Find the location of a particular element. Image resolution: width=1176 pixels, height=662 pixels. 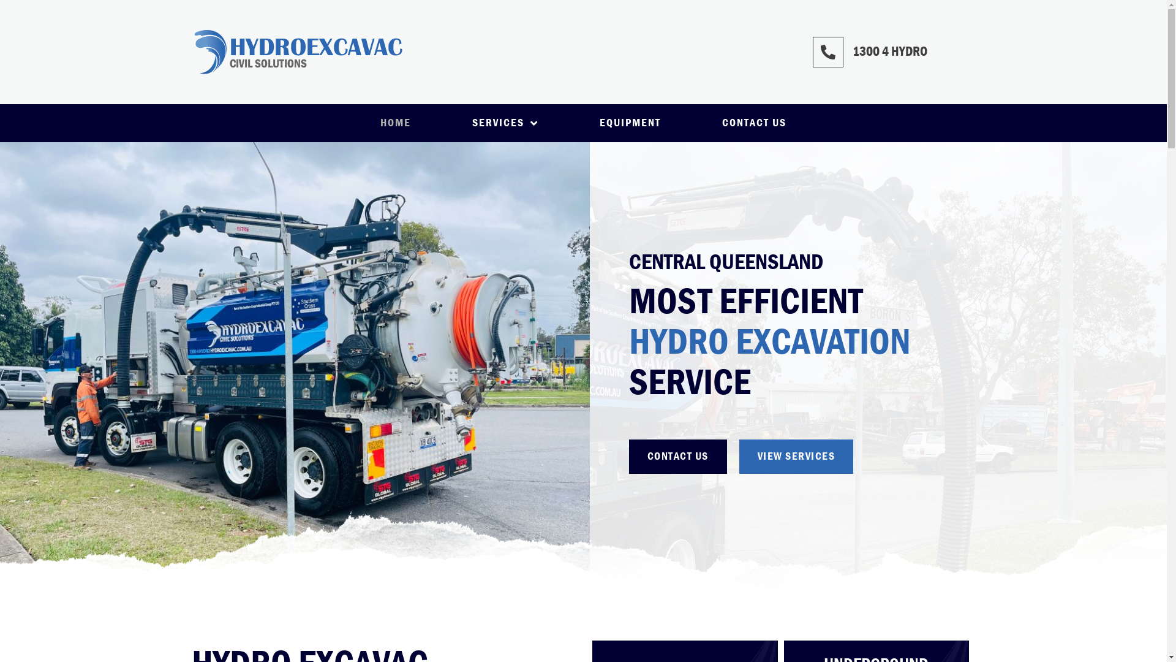

'EQUIPMENT' is located at coordinates (630, 123).